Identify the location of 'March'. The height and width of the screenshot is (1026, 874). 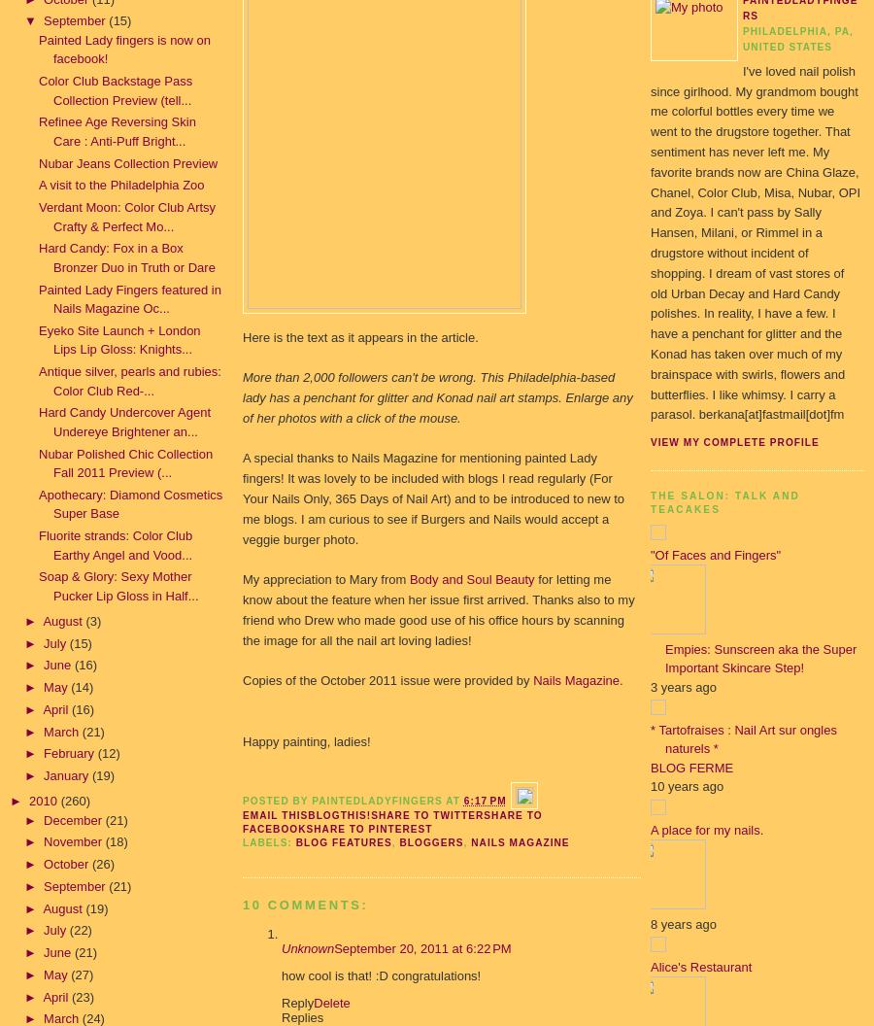
(43, 730).